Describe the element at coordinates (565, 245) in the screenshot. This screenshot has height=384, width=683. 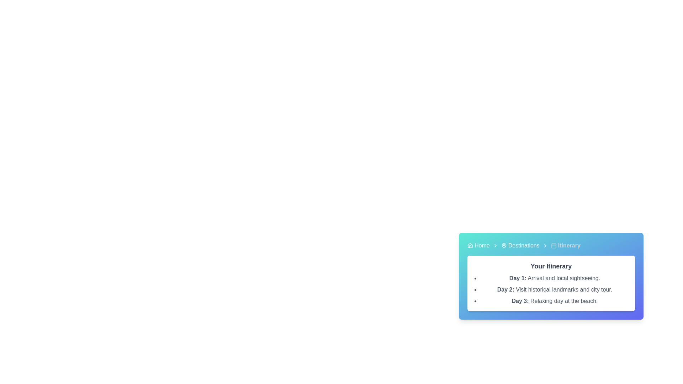
I see `the 'Itinerary' text label in the breadcrumb navigation bar` at that location.